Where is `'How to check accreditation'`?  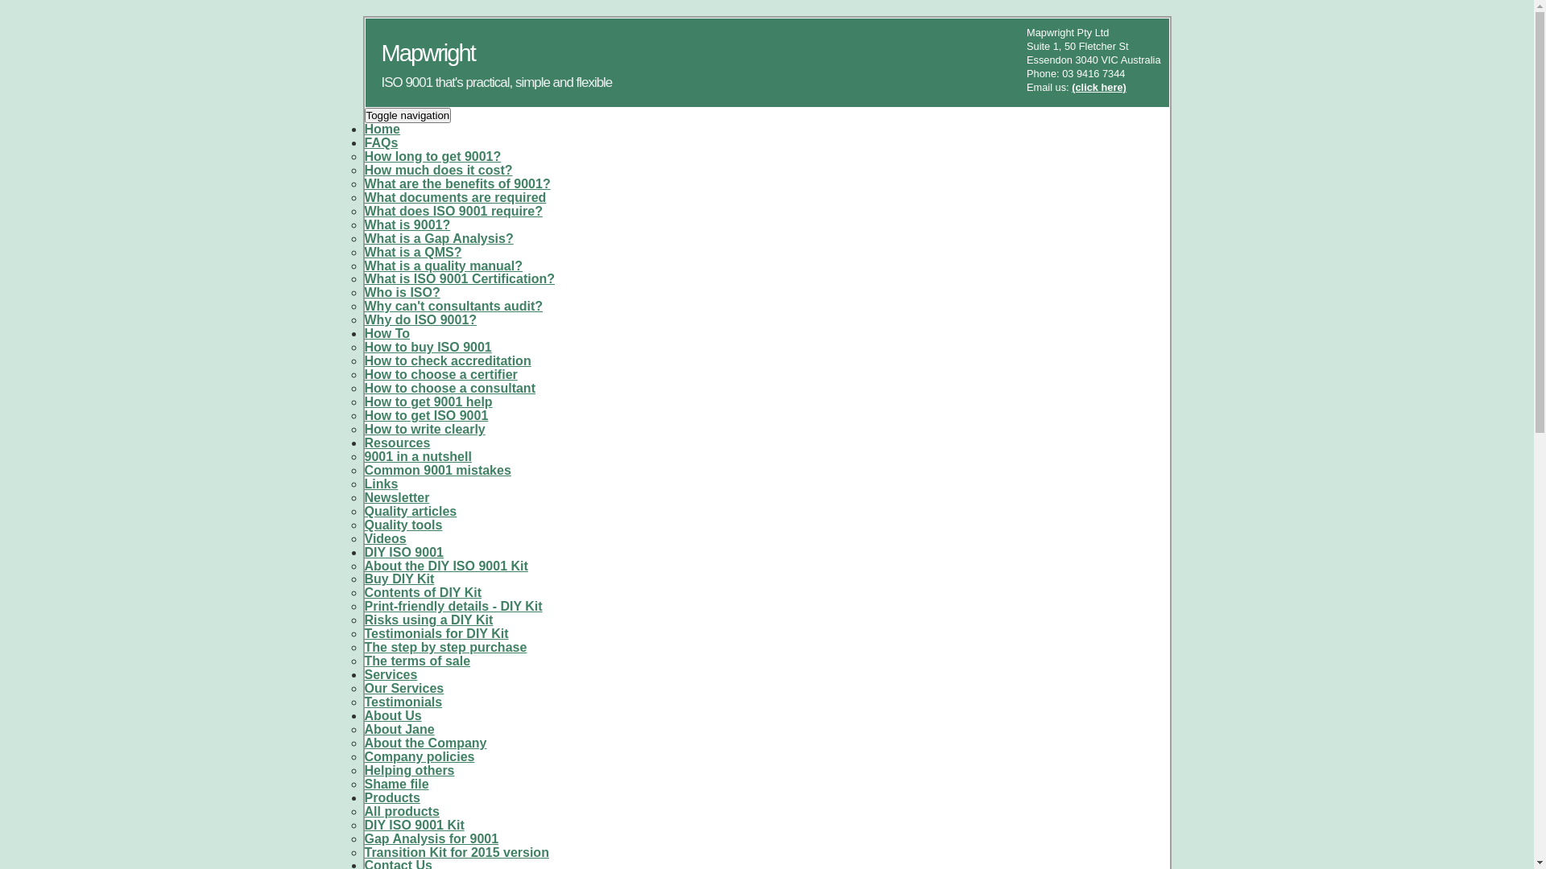 'How to check accreditation' is located at coordinates (447, 360).